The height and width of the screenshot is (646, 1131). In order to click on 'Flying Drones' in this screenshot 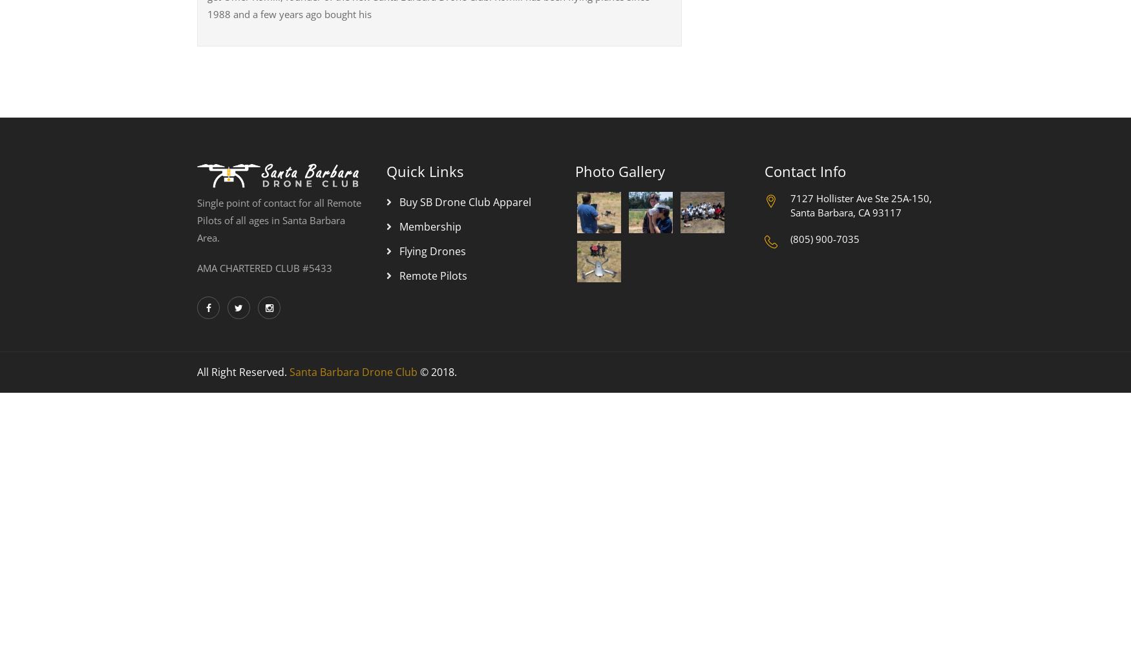, I will do `click(431, 251)`.